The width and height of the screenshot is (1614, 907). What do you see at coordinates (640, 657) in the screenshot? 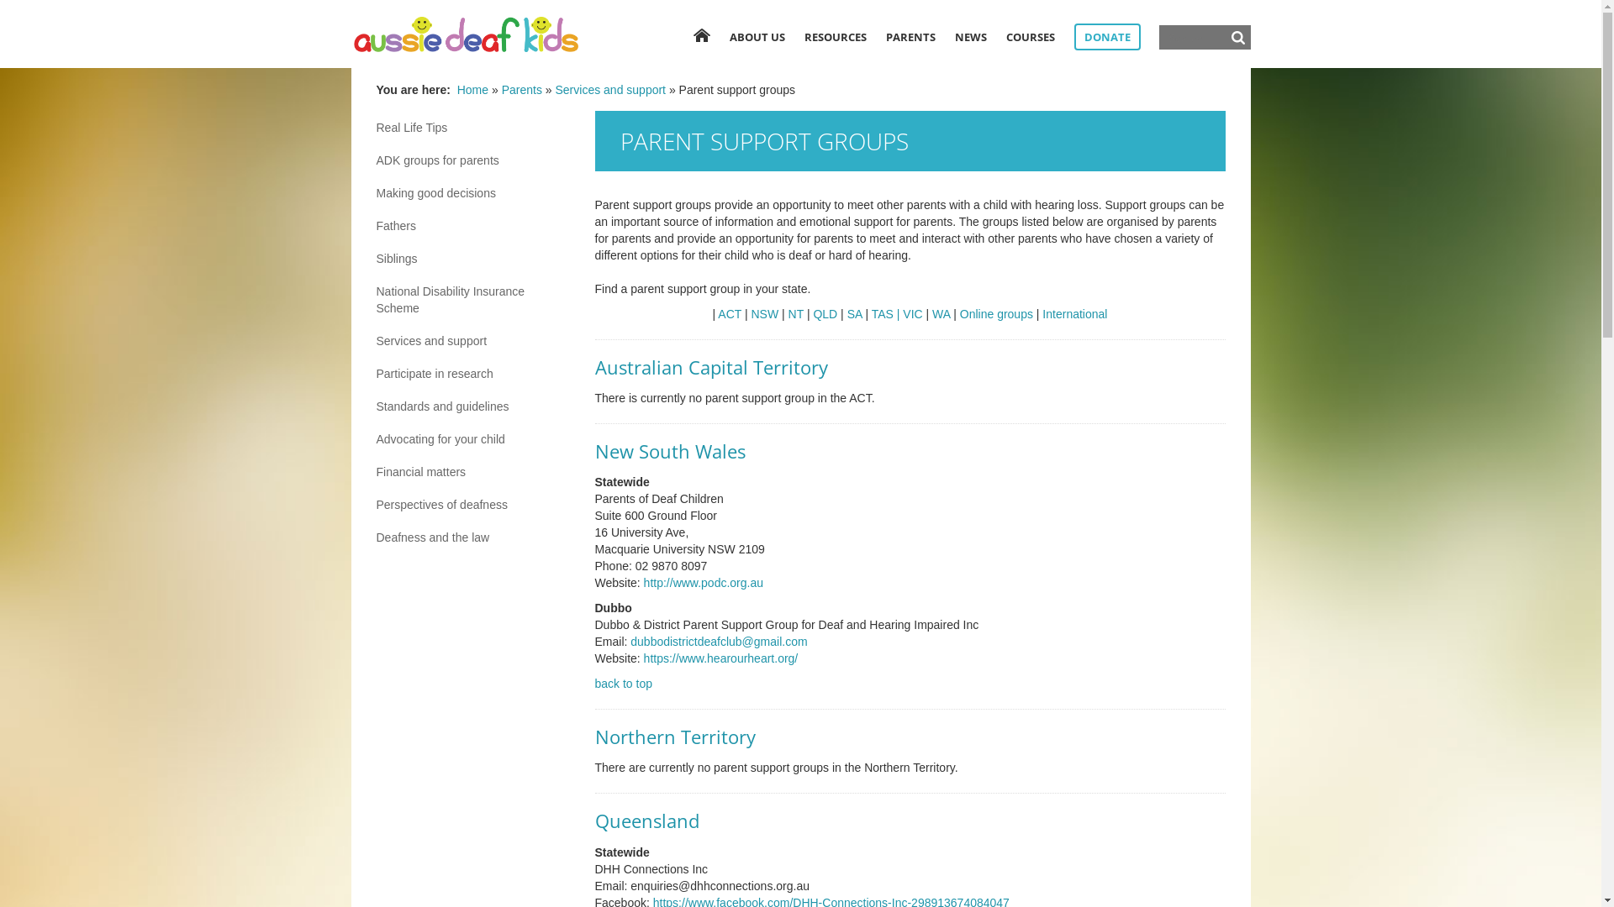
I see `' https://www.hearourheart.org/'` at bounding box center [640, 657].